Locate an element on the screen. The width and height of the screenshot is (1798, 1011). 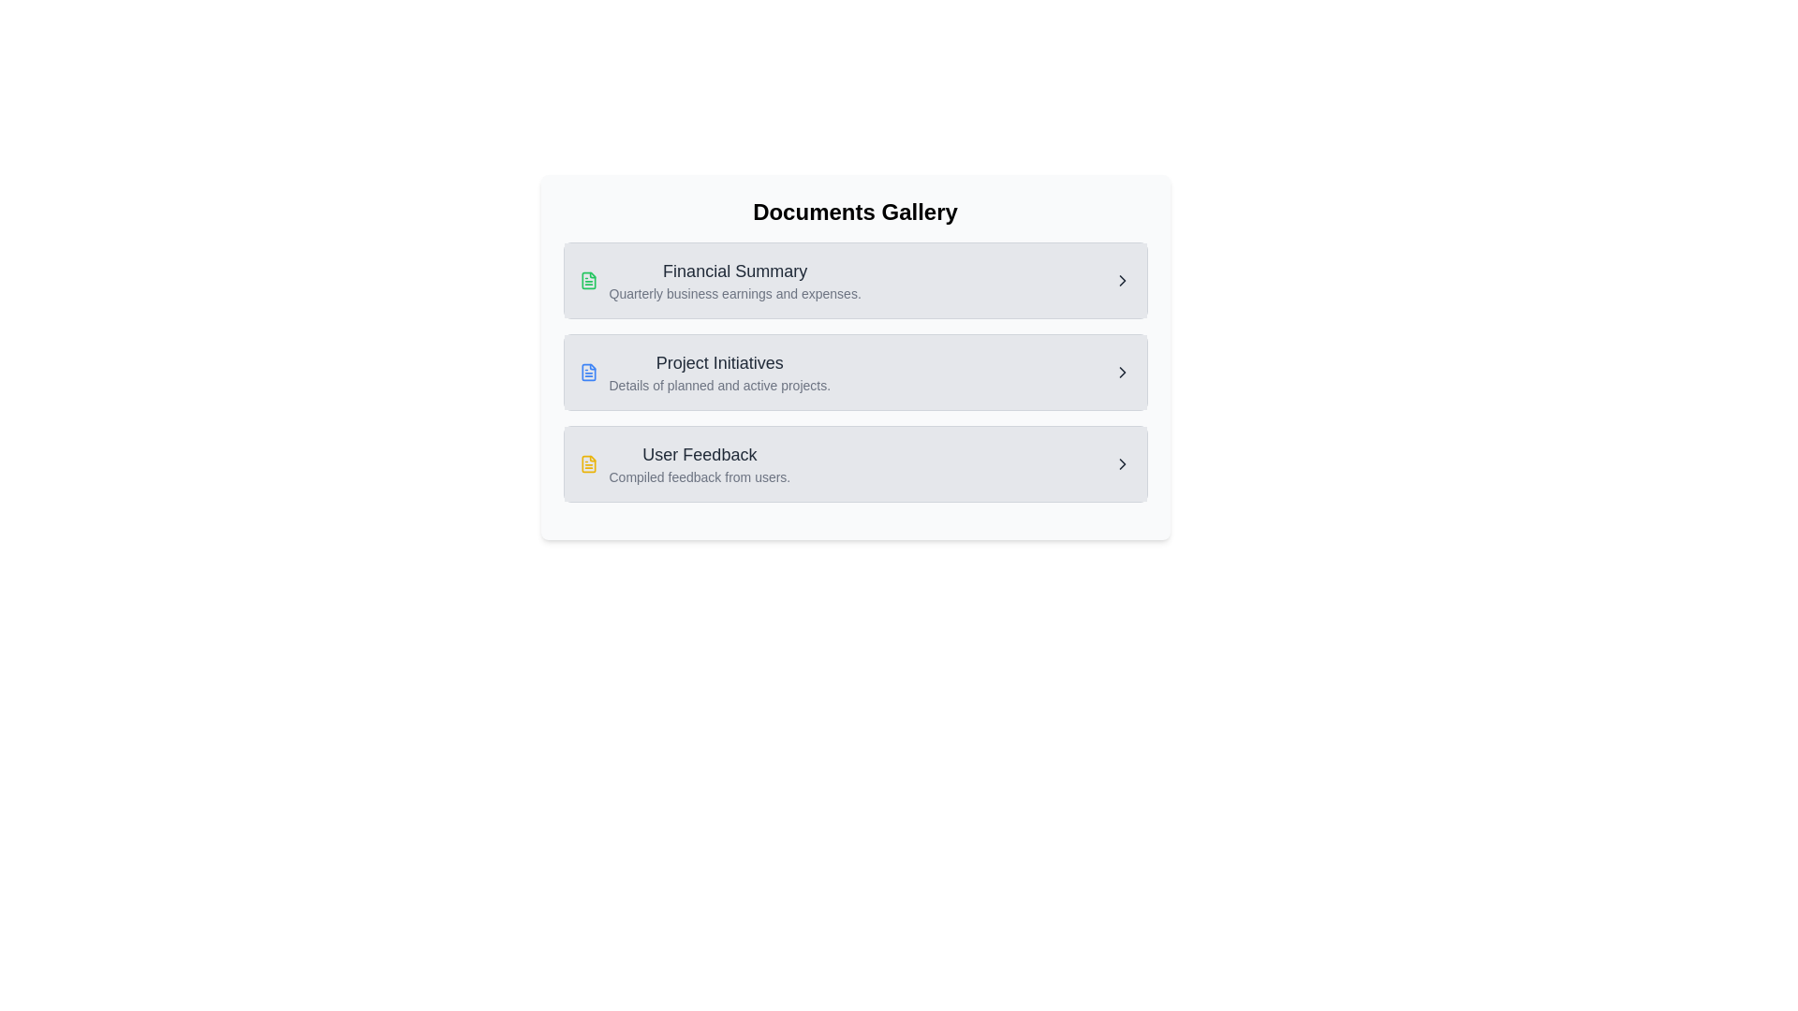
the 'Project Initiatives' section, which includes bold text and a document icon is located at coordinates (703, 372).